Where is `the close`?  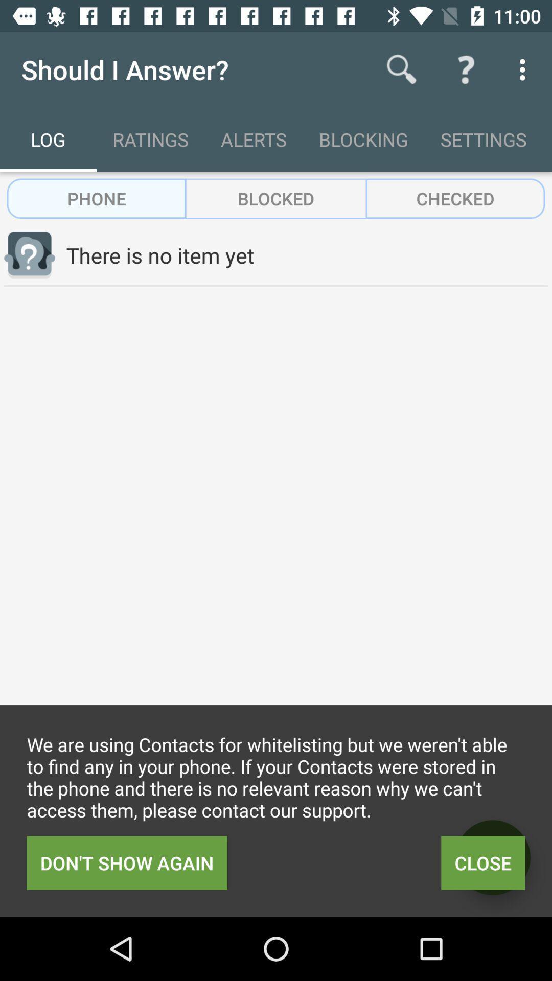 the close is located at coordinates (483, 862).